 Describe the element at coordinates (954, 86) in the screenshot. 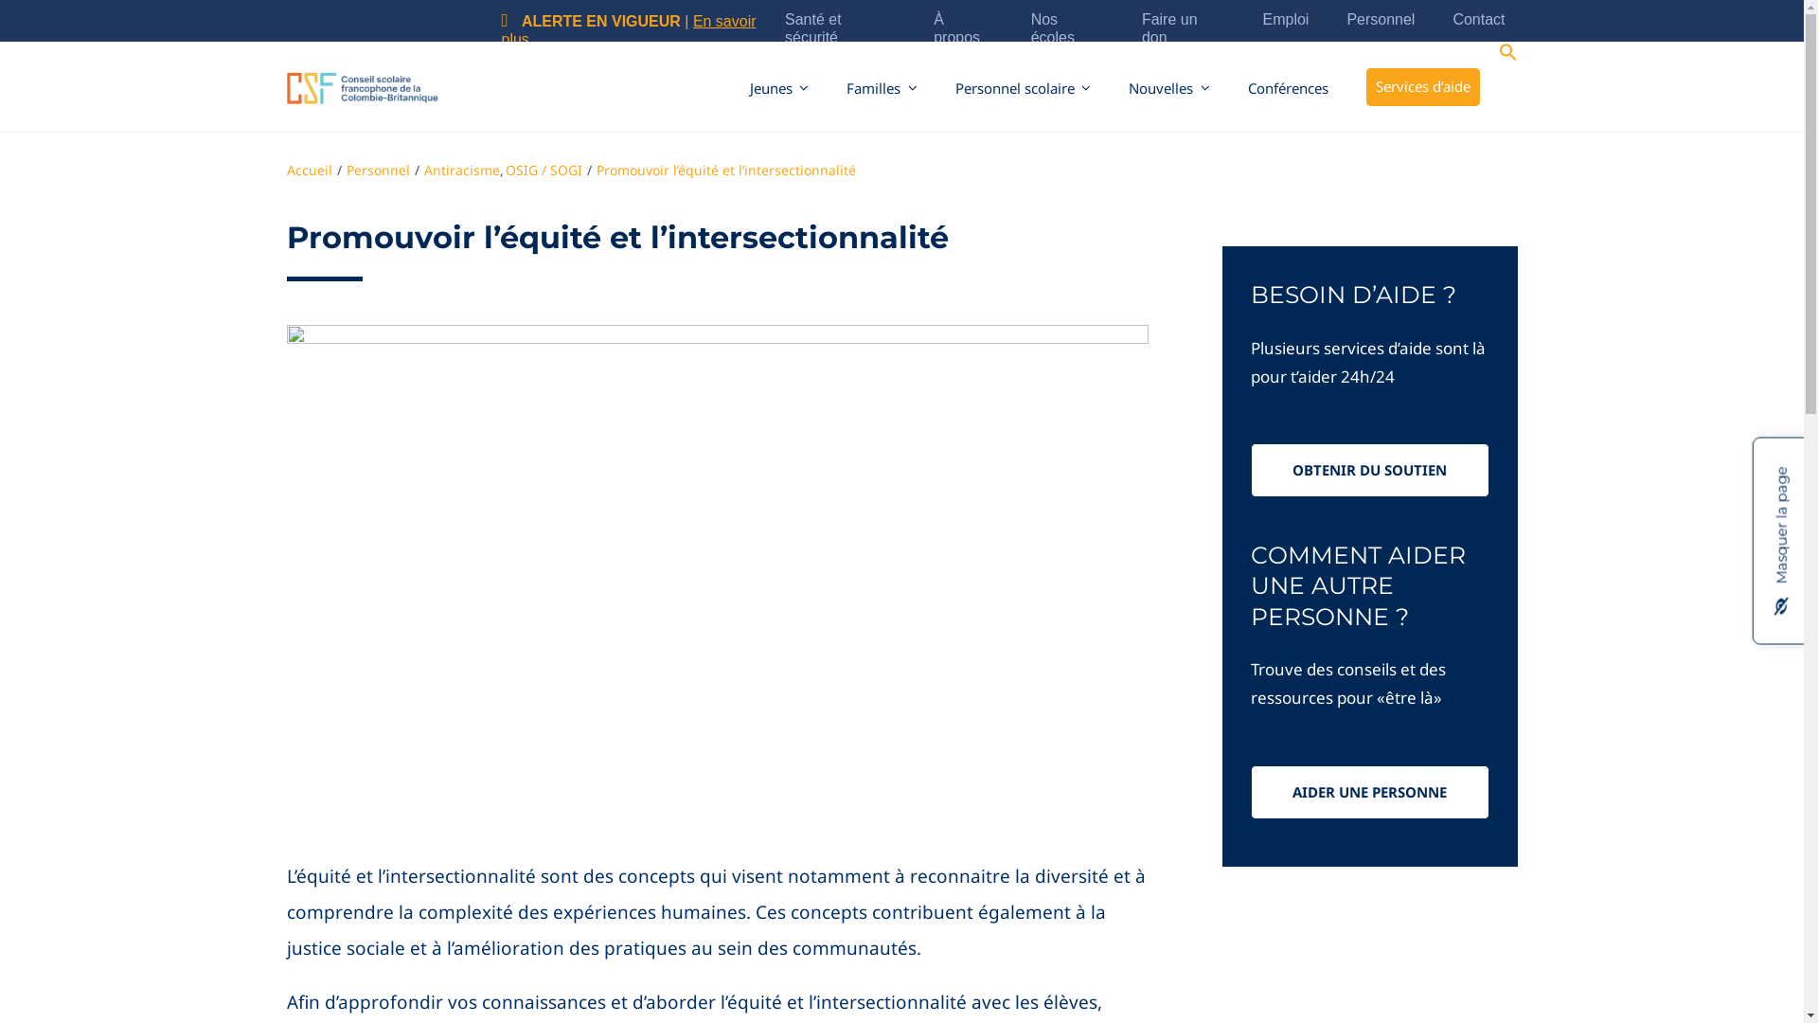

I see `'Personnel scolaire'` at that location.